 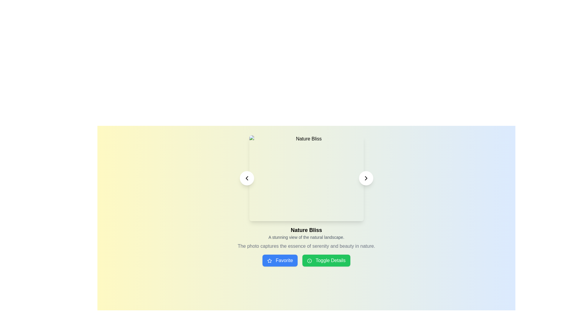 What do you see at coordinates (366, 178) in the screenshot?
I see `the rightmost button` at bounding box center [366, 178].